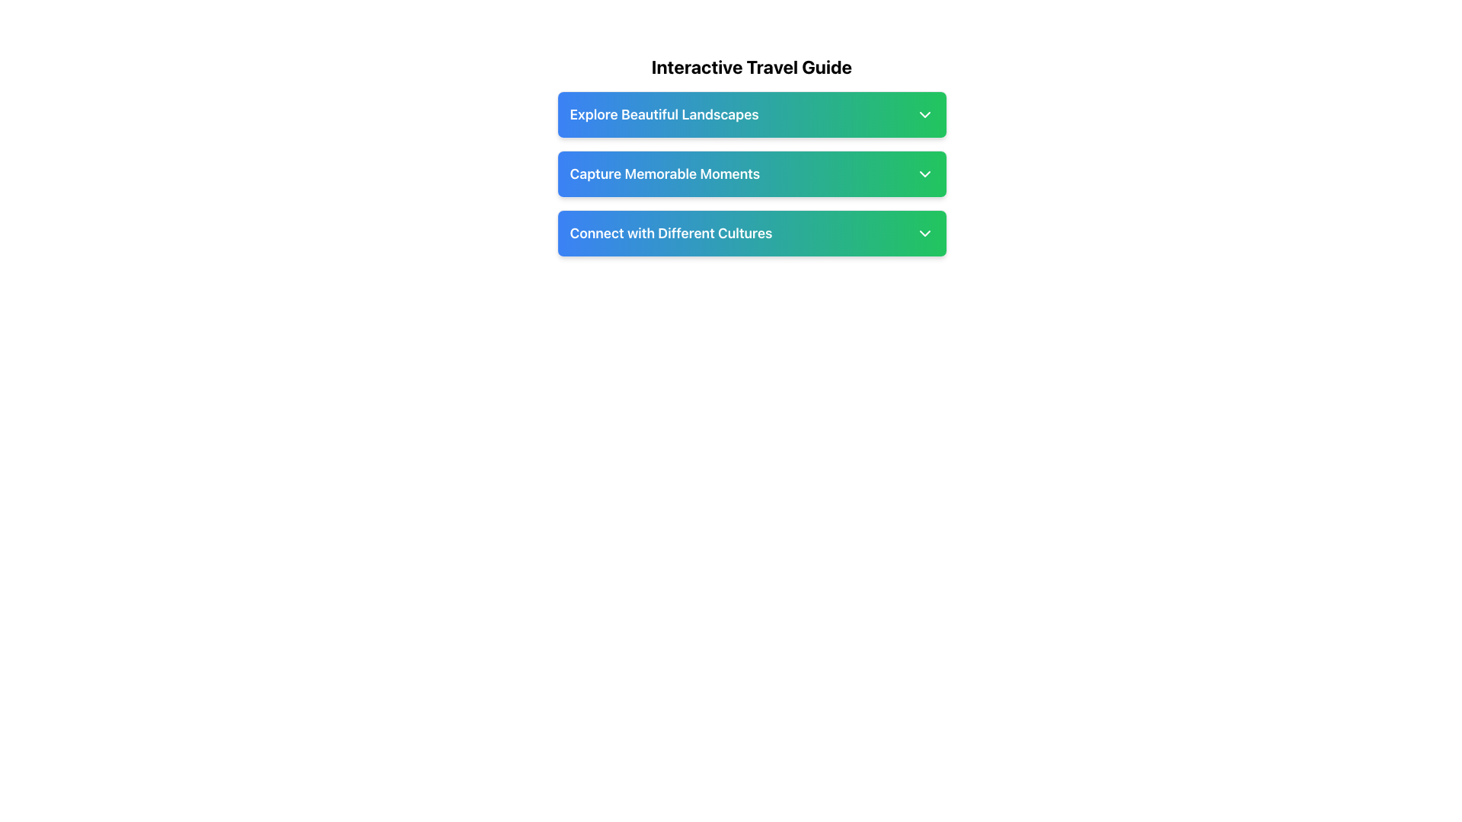  What do you see at coordinates (752, 113) in the screenshot?
I see `the button labeled 'Explore Beautiful Landscapes' which has a gradient background from blue to green and a downward chevron icon` at bounding box center [752, 113].